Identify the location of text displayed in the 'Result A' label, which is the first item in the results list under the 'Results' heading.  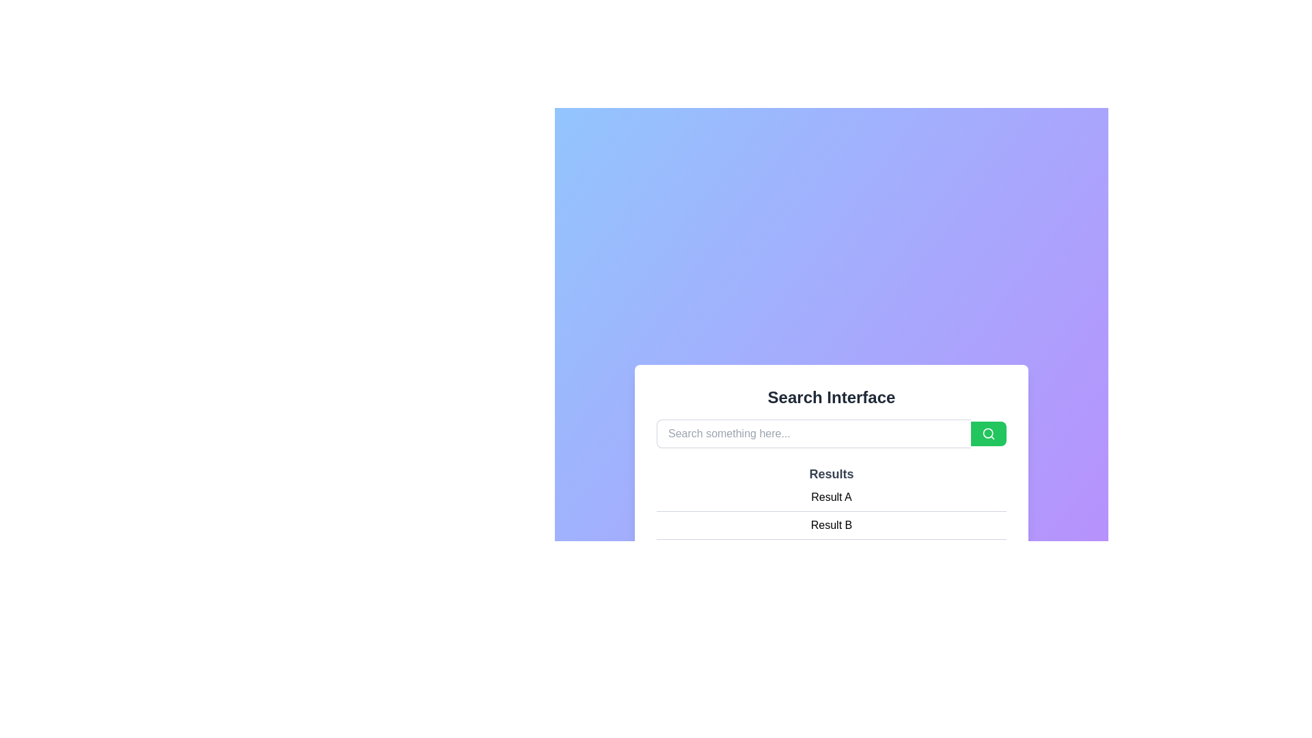
(831, 497).